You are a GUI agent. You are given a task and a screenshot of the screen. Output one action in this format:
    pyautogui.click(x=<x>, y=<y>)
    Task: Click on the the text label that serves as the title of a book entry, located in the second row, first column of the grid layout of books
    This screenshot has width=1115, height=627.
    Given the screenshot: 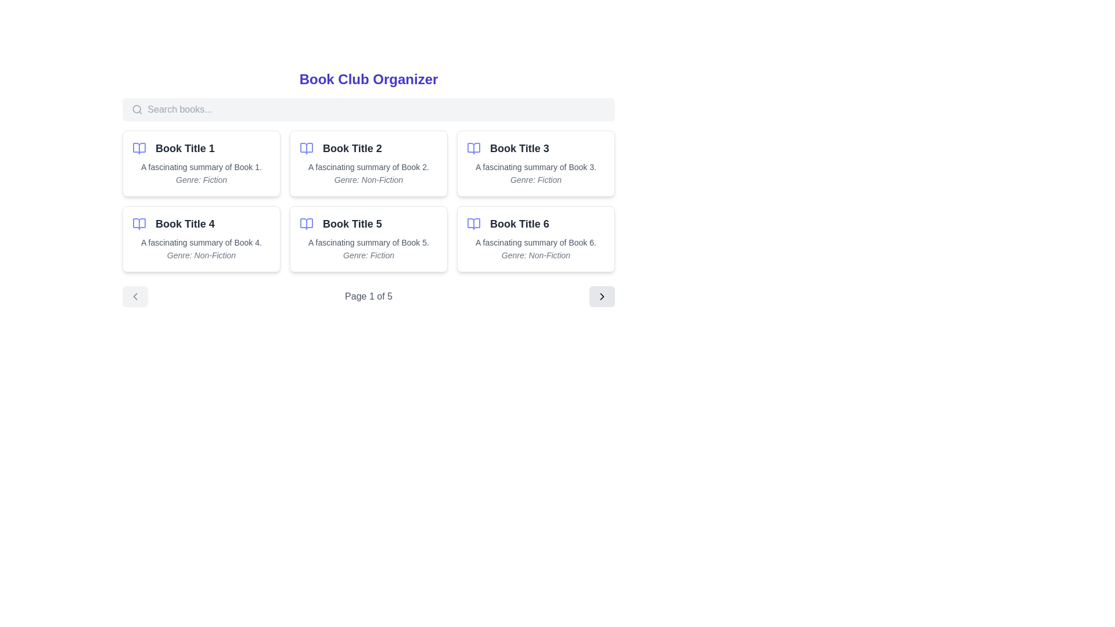 What is the action you would take?
    pyautogui.click(x=184, y=224)
    